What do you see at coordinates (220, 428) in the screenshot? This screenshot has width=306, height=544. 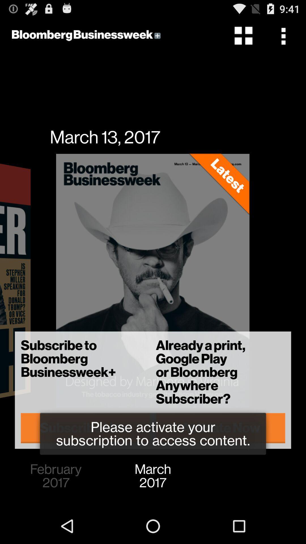 I see `the item to the right of the subscribe to bloomberg` at bounding box center [220, 428].